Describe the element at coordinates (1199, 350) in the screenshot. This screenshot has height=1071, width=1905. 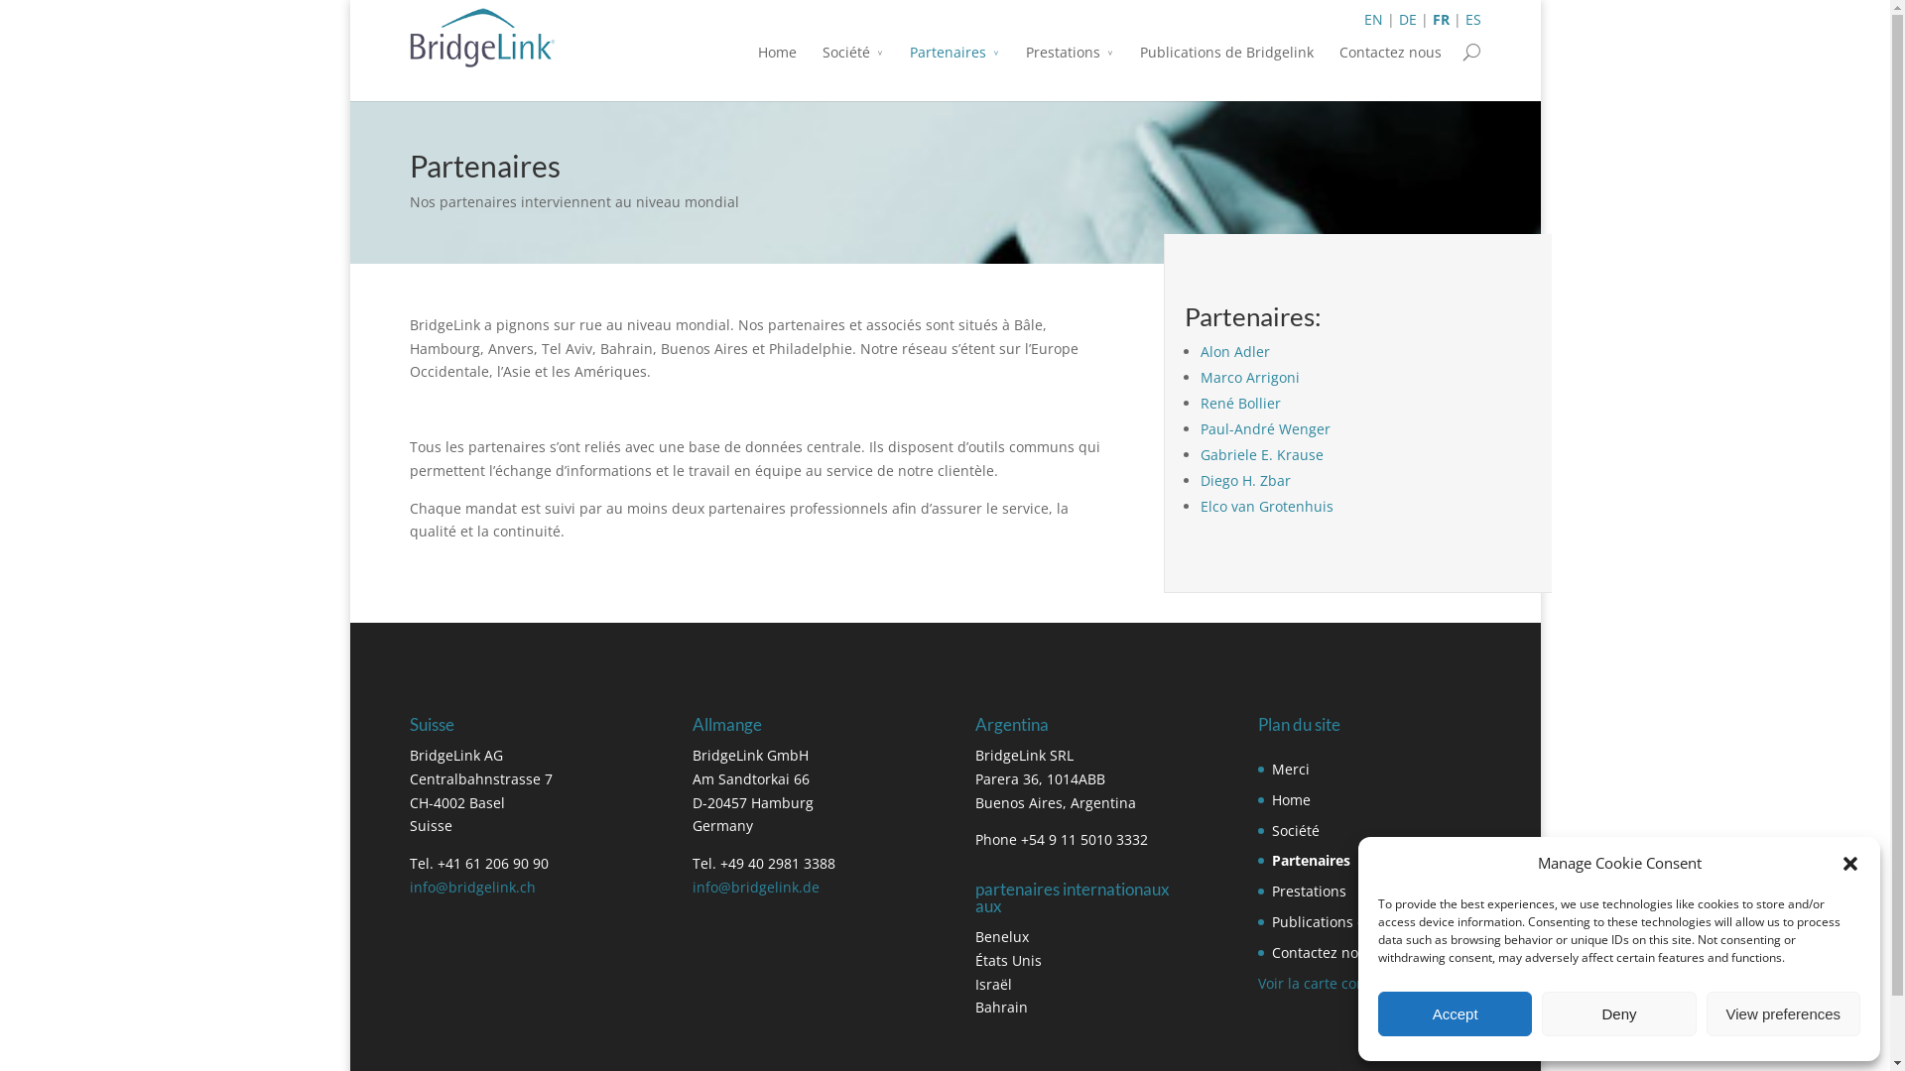
I see `'Alon Adler'` at that location.